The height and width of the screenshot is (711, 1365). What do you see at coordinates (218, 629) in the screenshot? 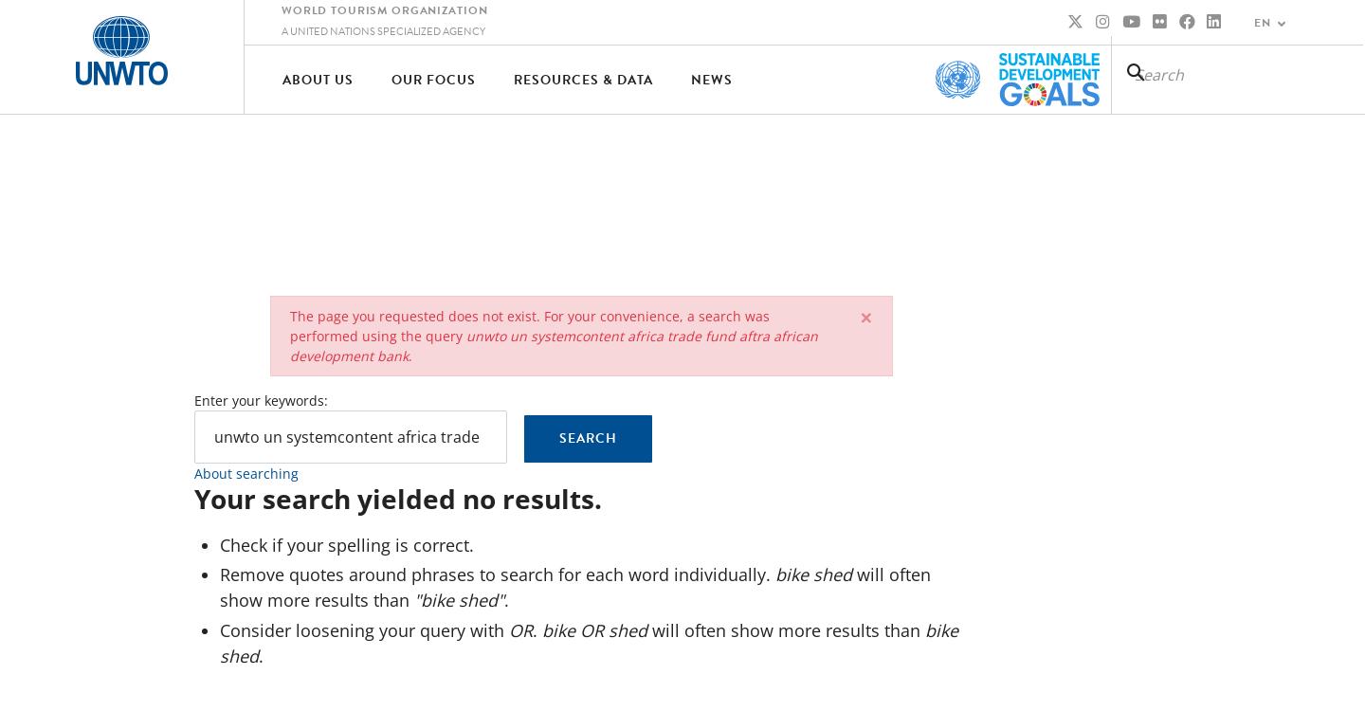
I see `'Consider loosening your query with'` at bounding box center [218, 629].